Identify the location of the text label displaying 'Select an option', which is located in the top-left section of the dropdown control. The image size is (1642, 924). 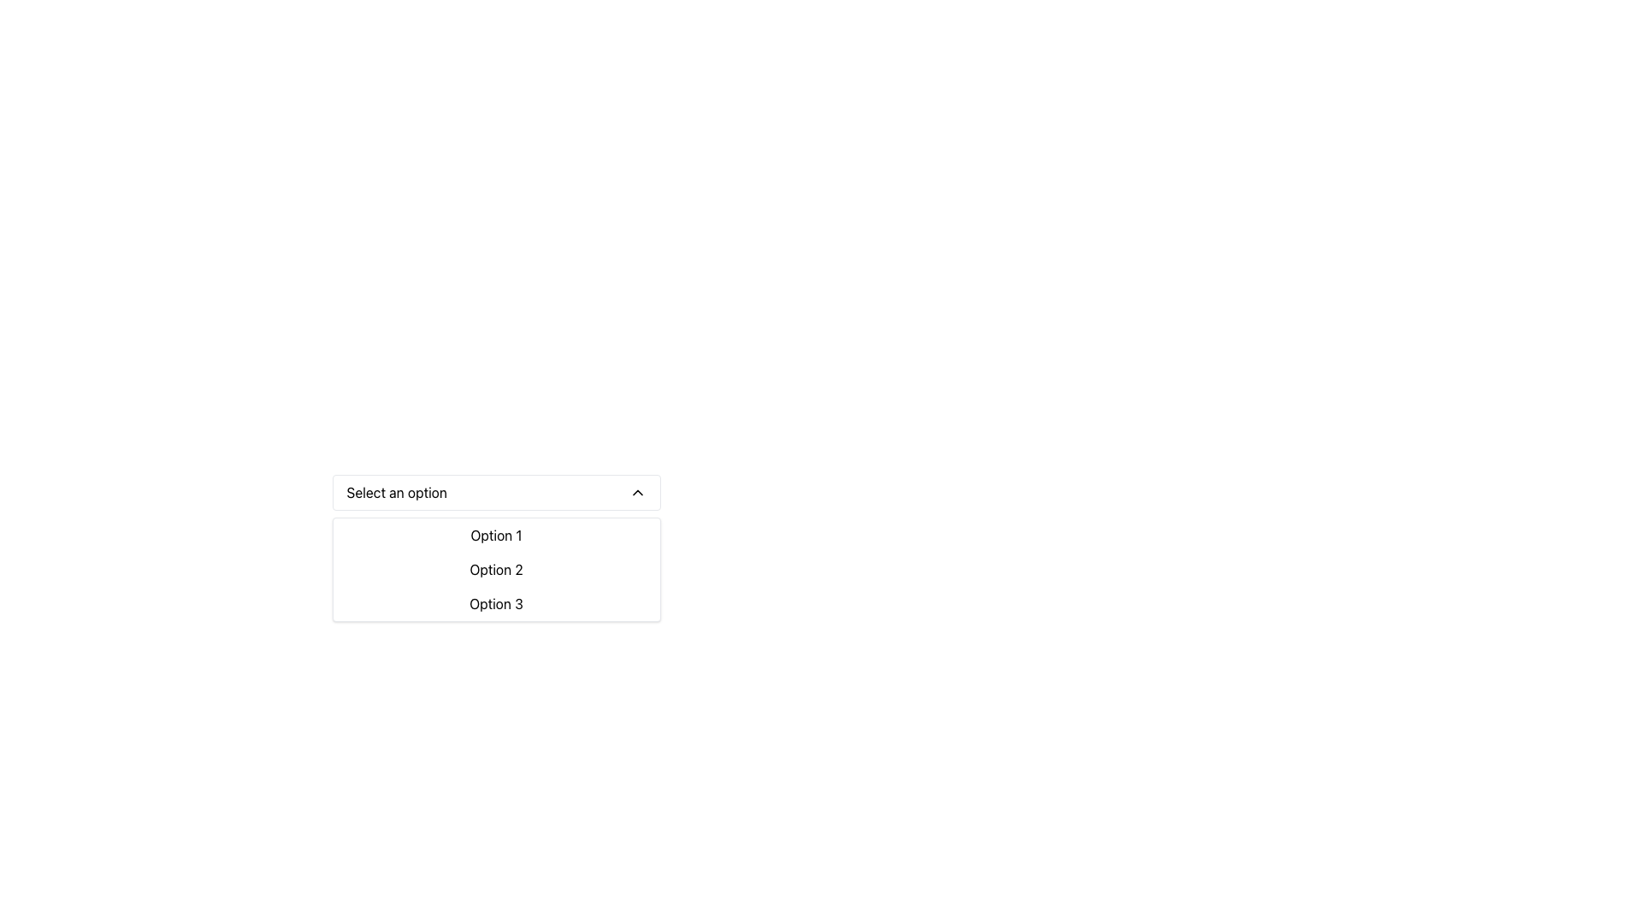
(396, 492).